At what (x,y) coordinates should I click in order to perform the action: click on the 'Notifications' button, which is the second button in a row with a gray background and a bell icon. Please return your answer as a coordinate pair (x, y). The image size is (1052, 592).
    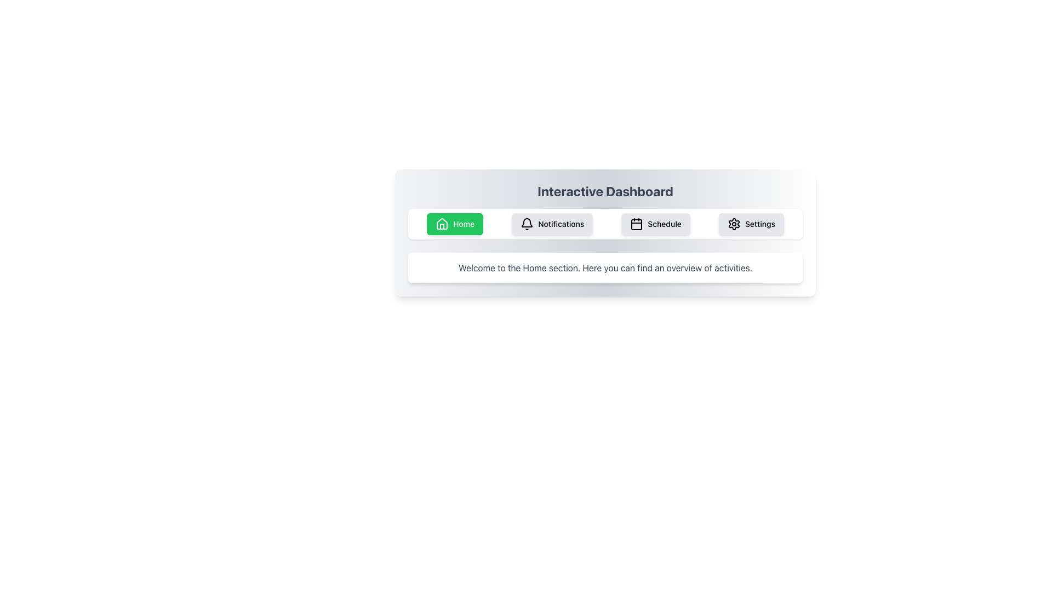
    Looking at the image, I should click on (552, 223).